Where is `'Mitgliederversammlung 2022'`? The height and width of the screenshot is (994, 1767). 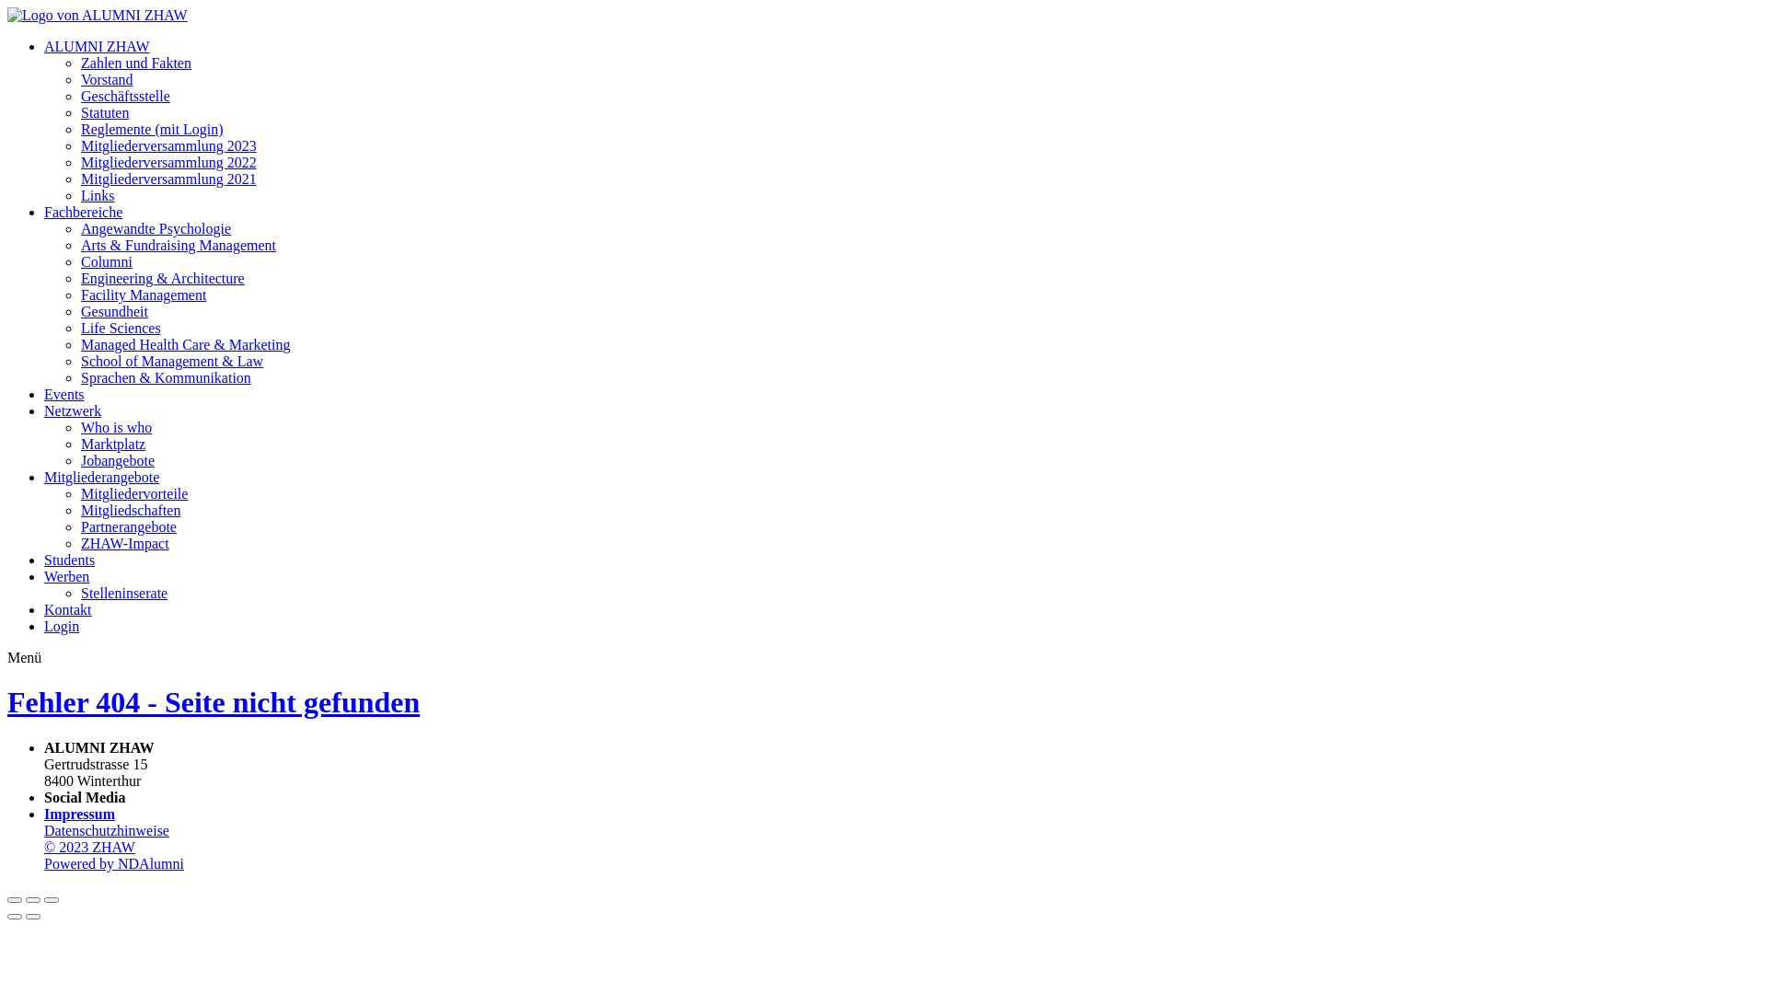 'Mitgliederversammlung 2022' is located at coordinates (168, 161).